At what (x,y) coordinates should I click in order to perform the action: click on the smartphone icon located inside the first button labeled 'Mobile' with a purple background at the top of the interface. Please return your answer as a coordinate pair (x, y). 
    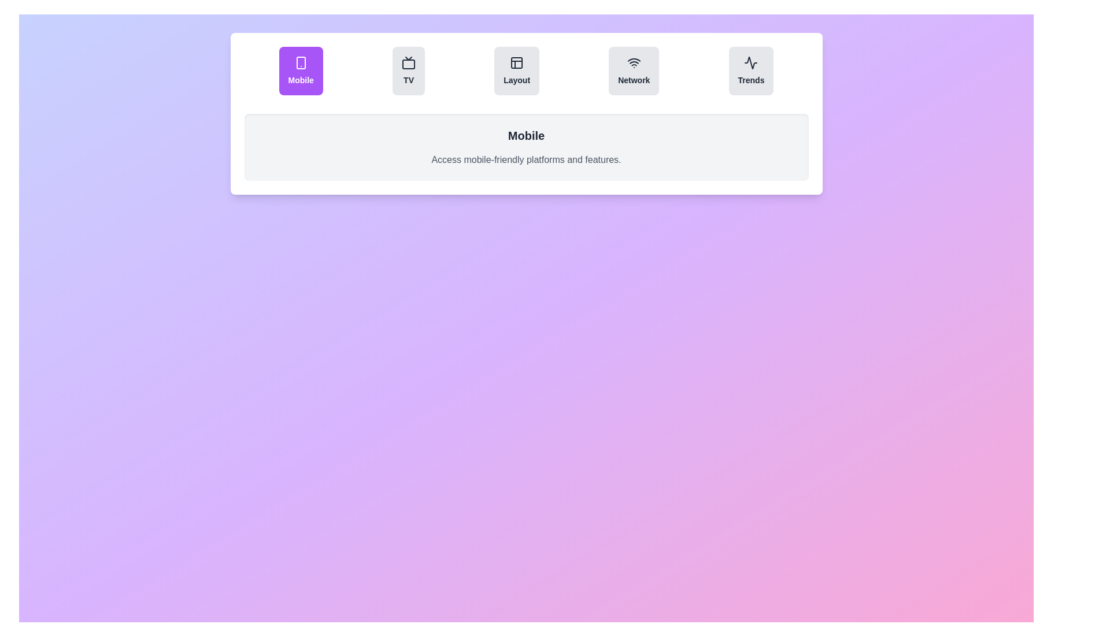
    Looking at the image, I should click on (301, 62).